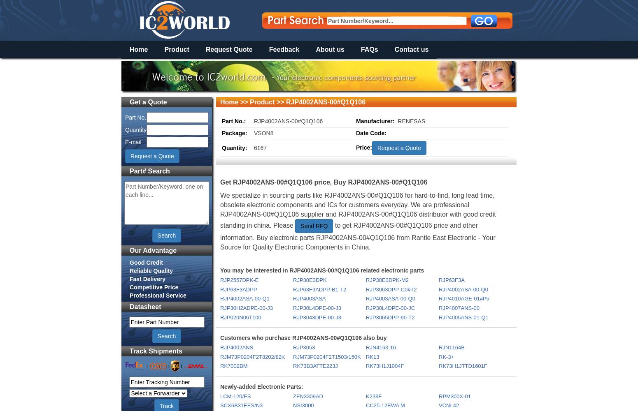 The width and height of the screenshot is (638, 411). What do you see at coordinates (220, 386) in the screenshot?
I see `'Newly-added Electronic Parts:'` at bounding box center [220, 386].